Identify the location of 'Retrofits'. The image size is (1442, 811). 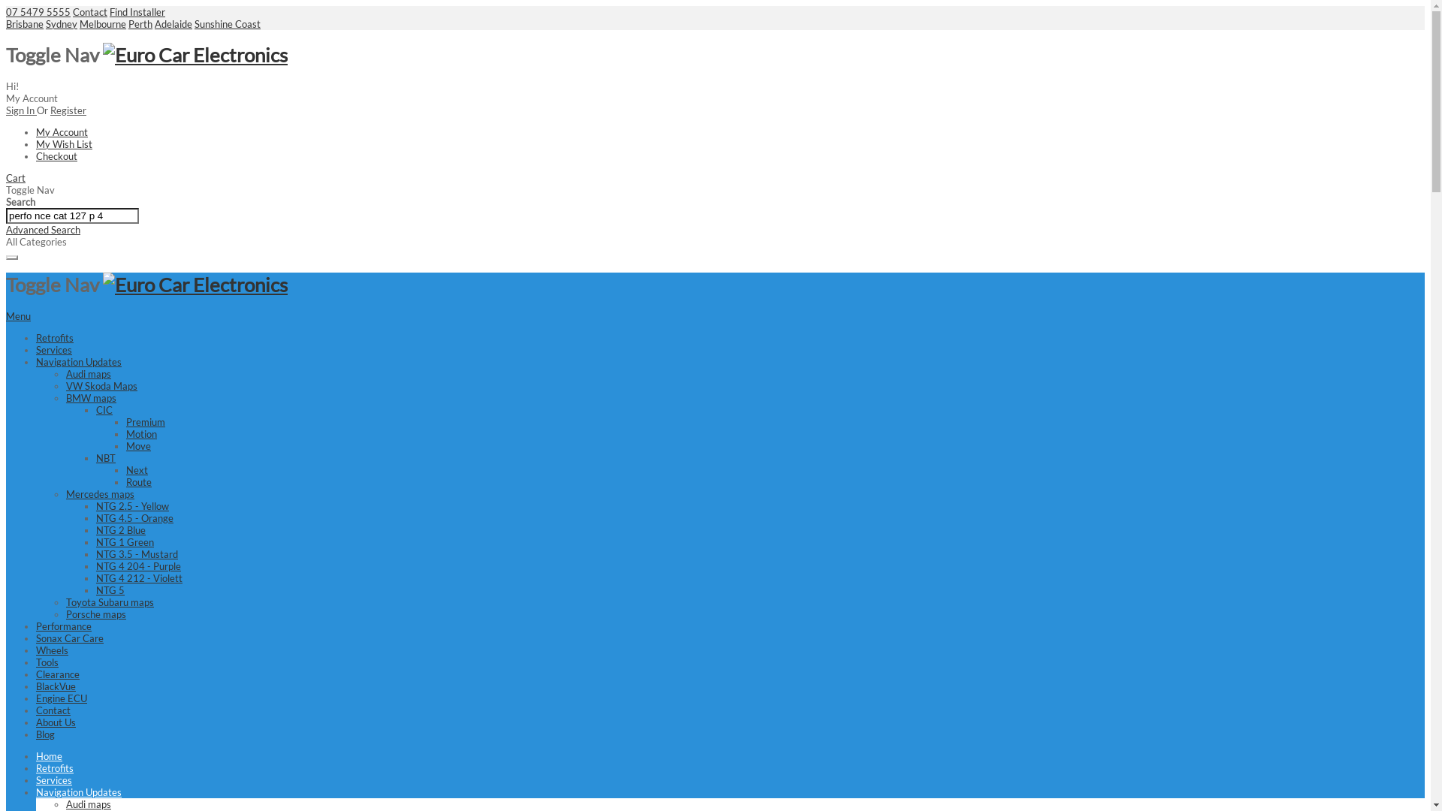
(54, 338).